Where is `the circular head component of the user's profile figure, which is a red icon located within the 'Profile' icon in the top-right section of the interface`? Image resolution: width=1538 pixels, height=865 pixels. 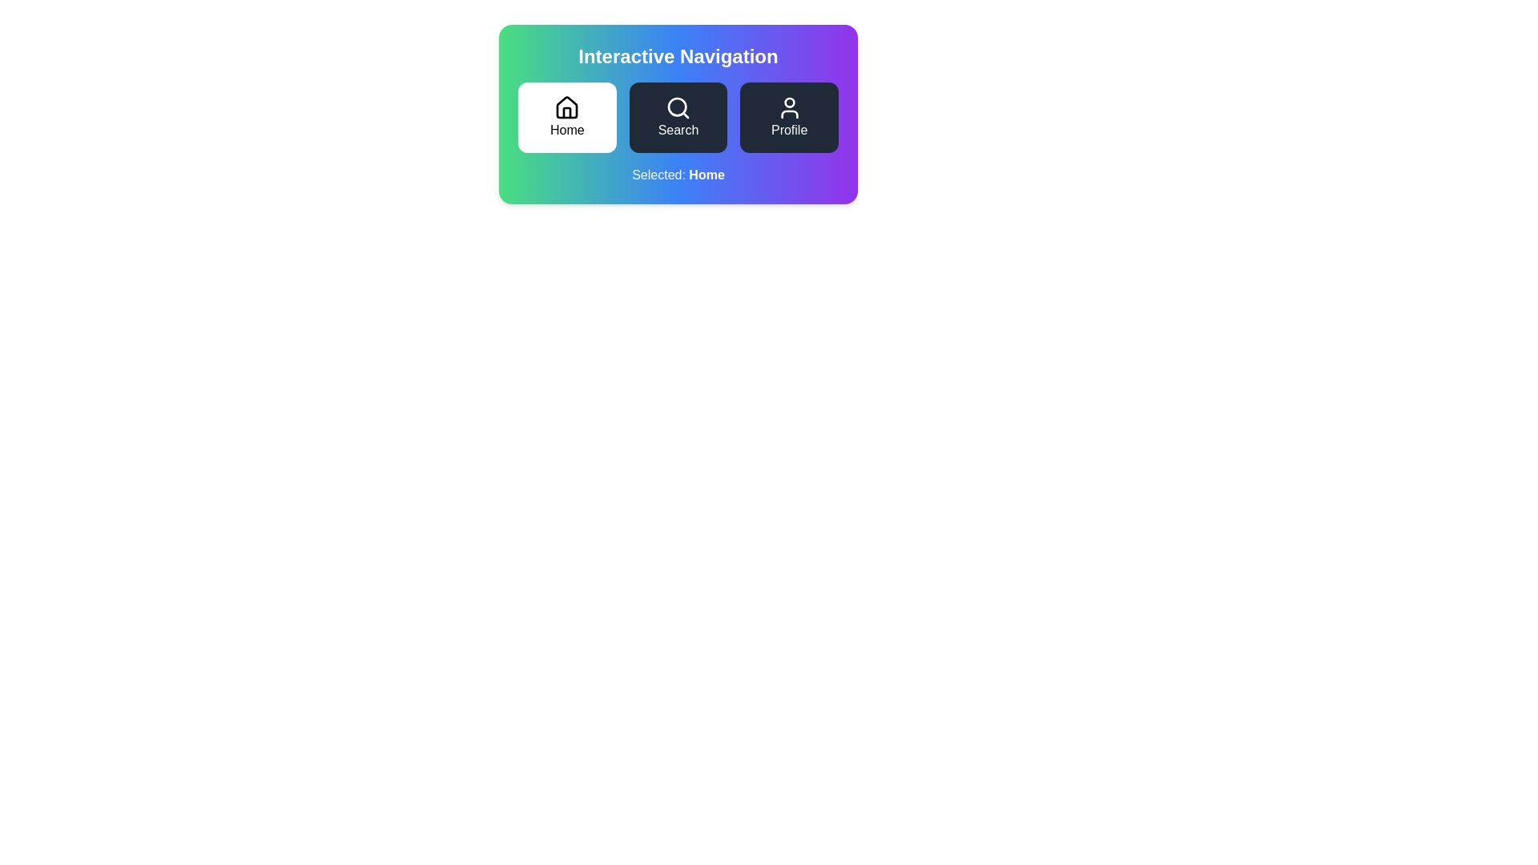
the circular head component of the user's profile figure, which is a red icon located within the 'Profile' icon in the top-right section of the interface is located at coordinates (789, 103).